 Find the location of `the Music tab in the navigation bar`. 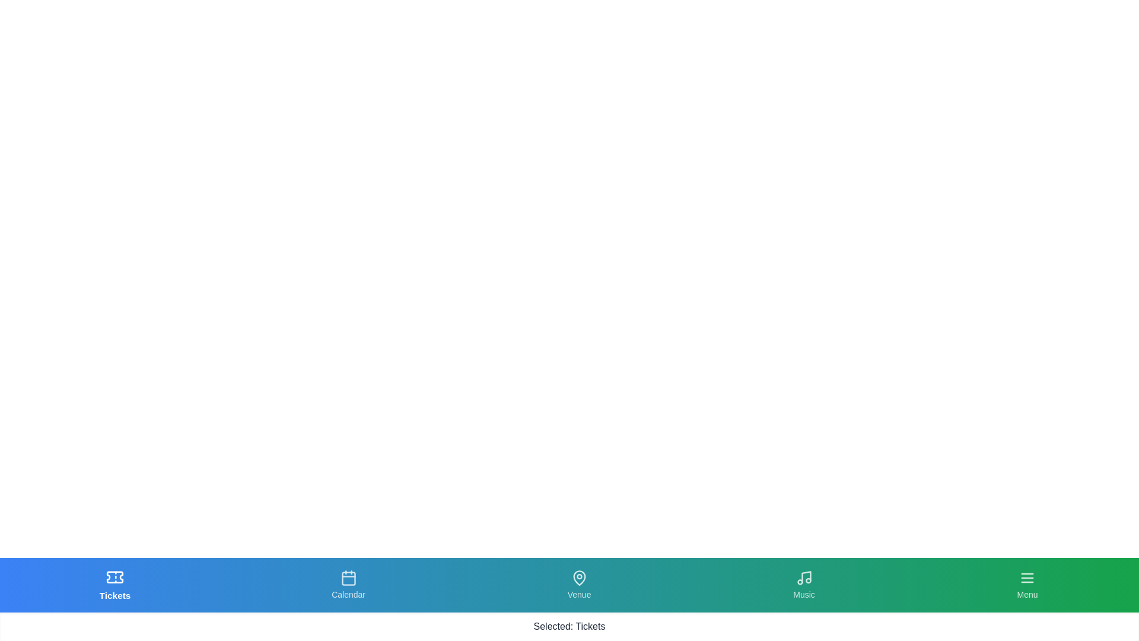

the Music tab in the navigation bar is located at coordinates (803, 585).